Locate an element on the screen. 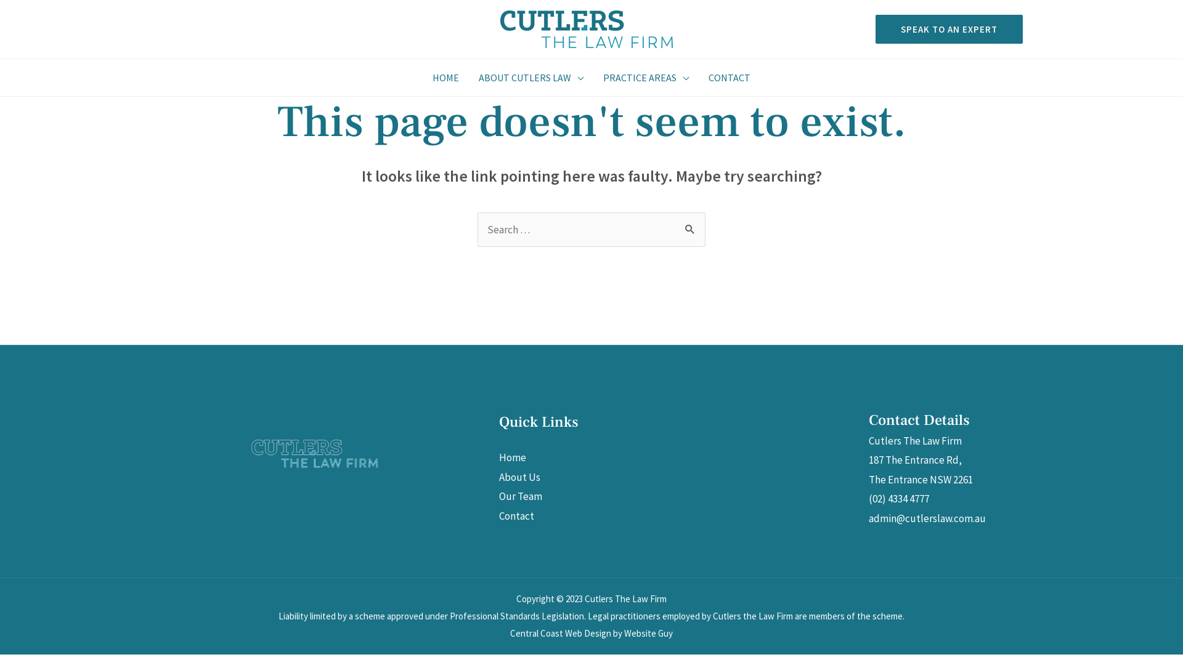 The width and height of the screenshot is (1183, 665). 'About Us' is located at coordinates (519, 477).